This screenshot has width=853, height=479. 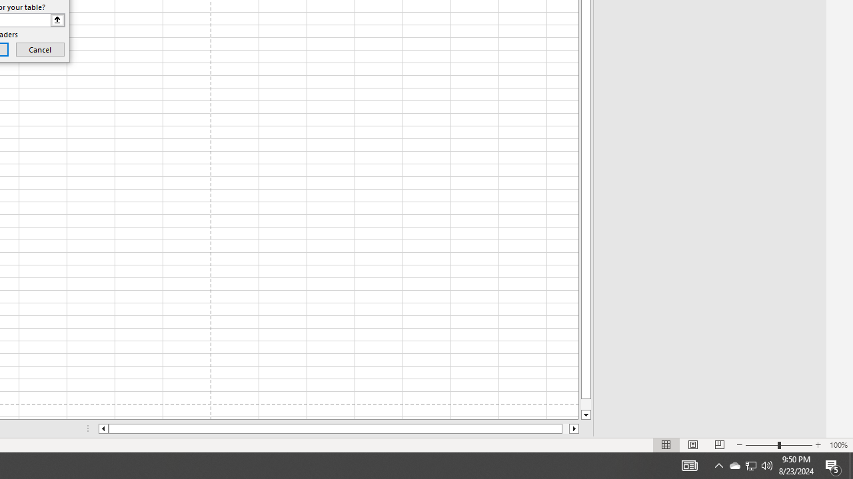 I want to click on 'Page down', so click(x=586, y=404).